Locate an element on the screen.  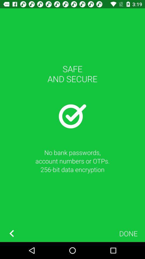
back is located at coordinates (12, 233).